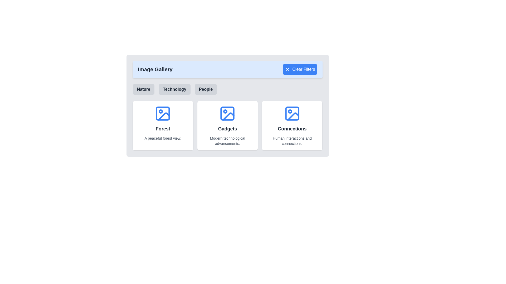  I want to click on the 'Nature' button located below the 'Image Gallery' title, so click(143, 89).